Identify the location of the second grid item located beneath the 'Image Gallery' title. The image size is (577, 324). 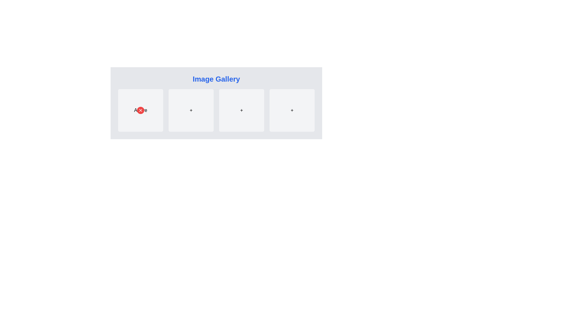
(216, 103).